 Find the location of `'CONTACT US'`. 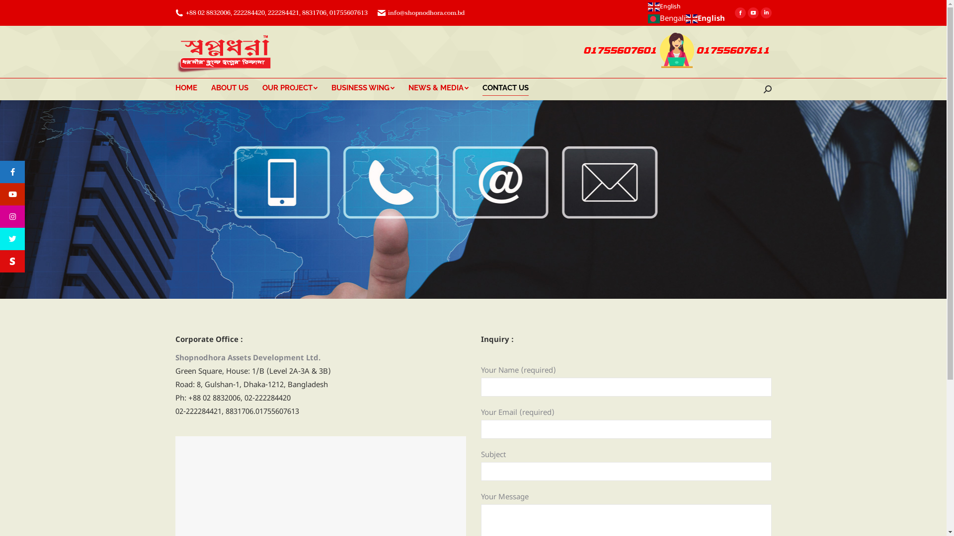

'CONTACT US' is located at coordinates (512, 87).